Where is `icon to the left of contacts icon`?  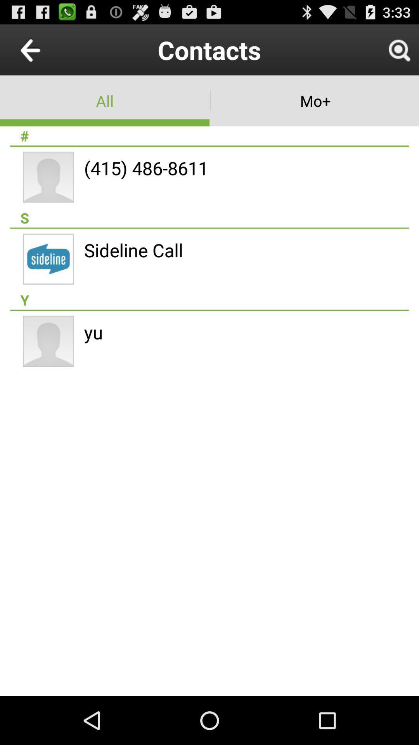
icon to the left of contacts icon is located at coordinates (48, 49).